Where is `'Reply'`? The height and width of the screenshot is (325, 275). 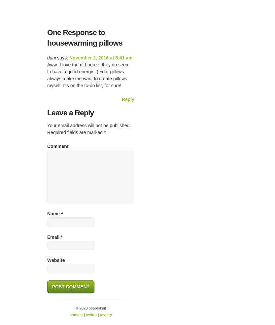 'Reply' is located at coordinates (128, 99).